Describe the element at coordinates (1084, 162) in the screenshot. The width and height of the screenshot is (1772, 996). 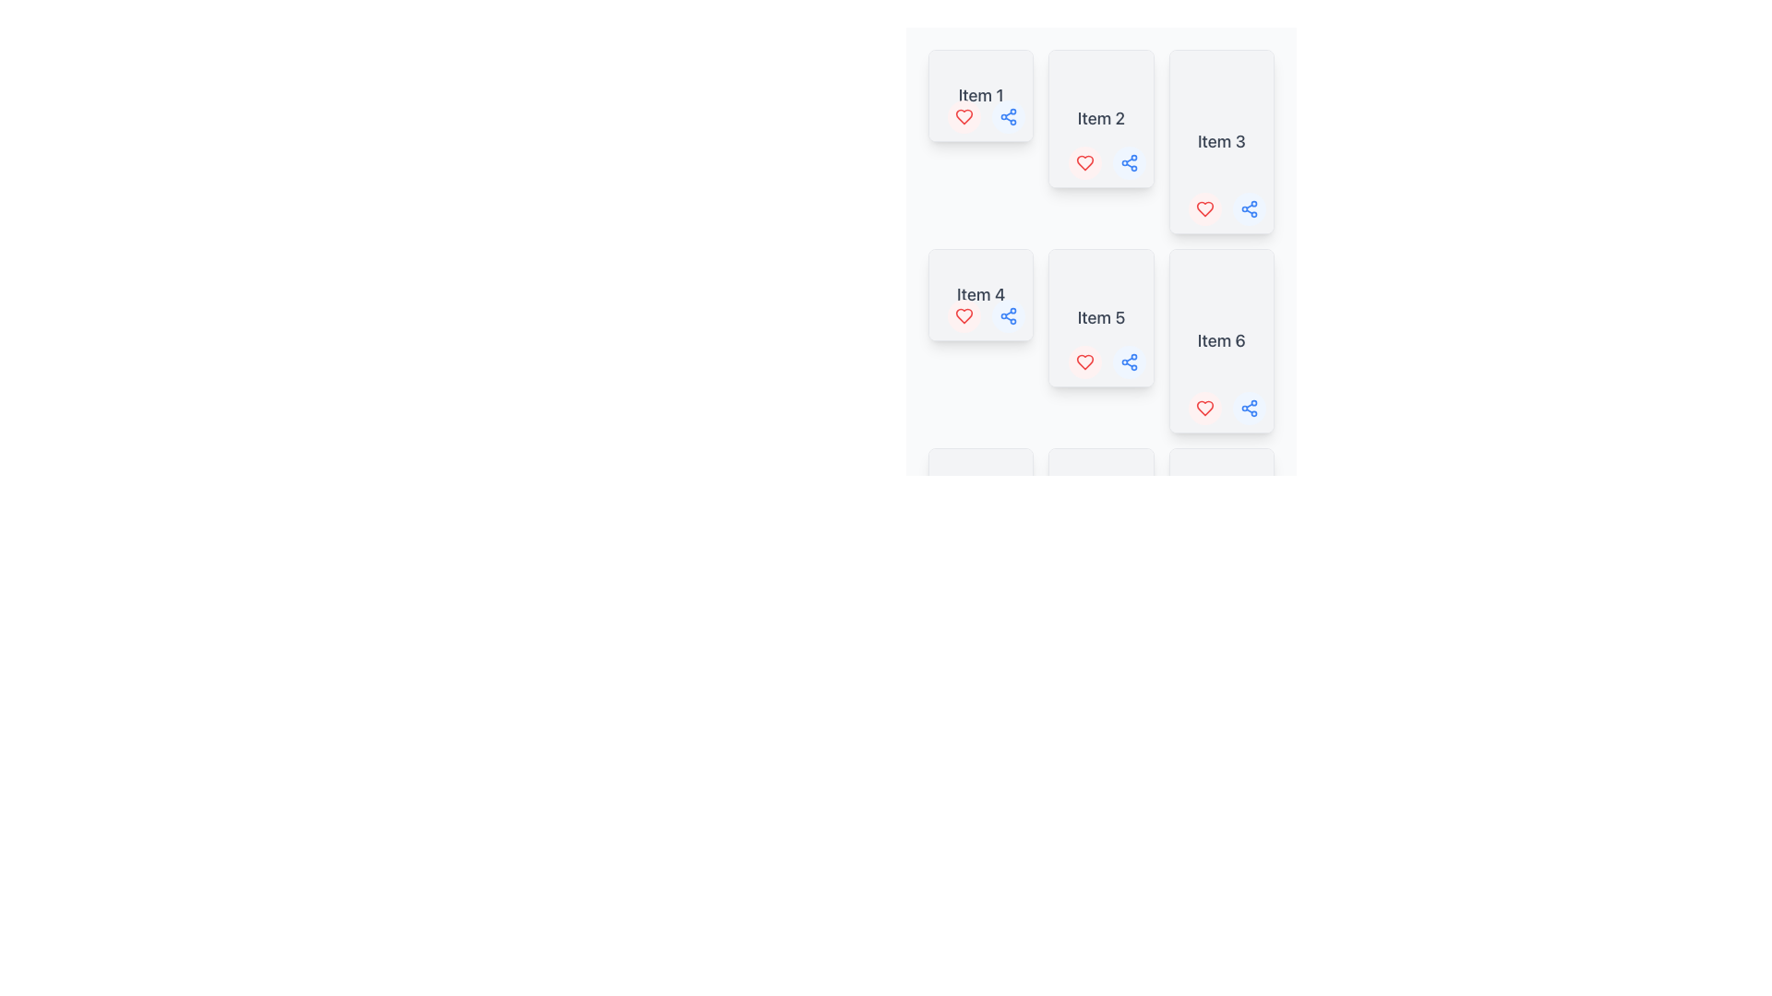
I see `the heart icon located in the middle of the second row of 'Item 2' to mark it as favorite` at that location.